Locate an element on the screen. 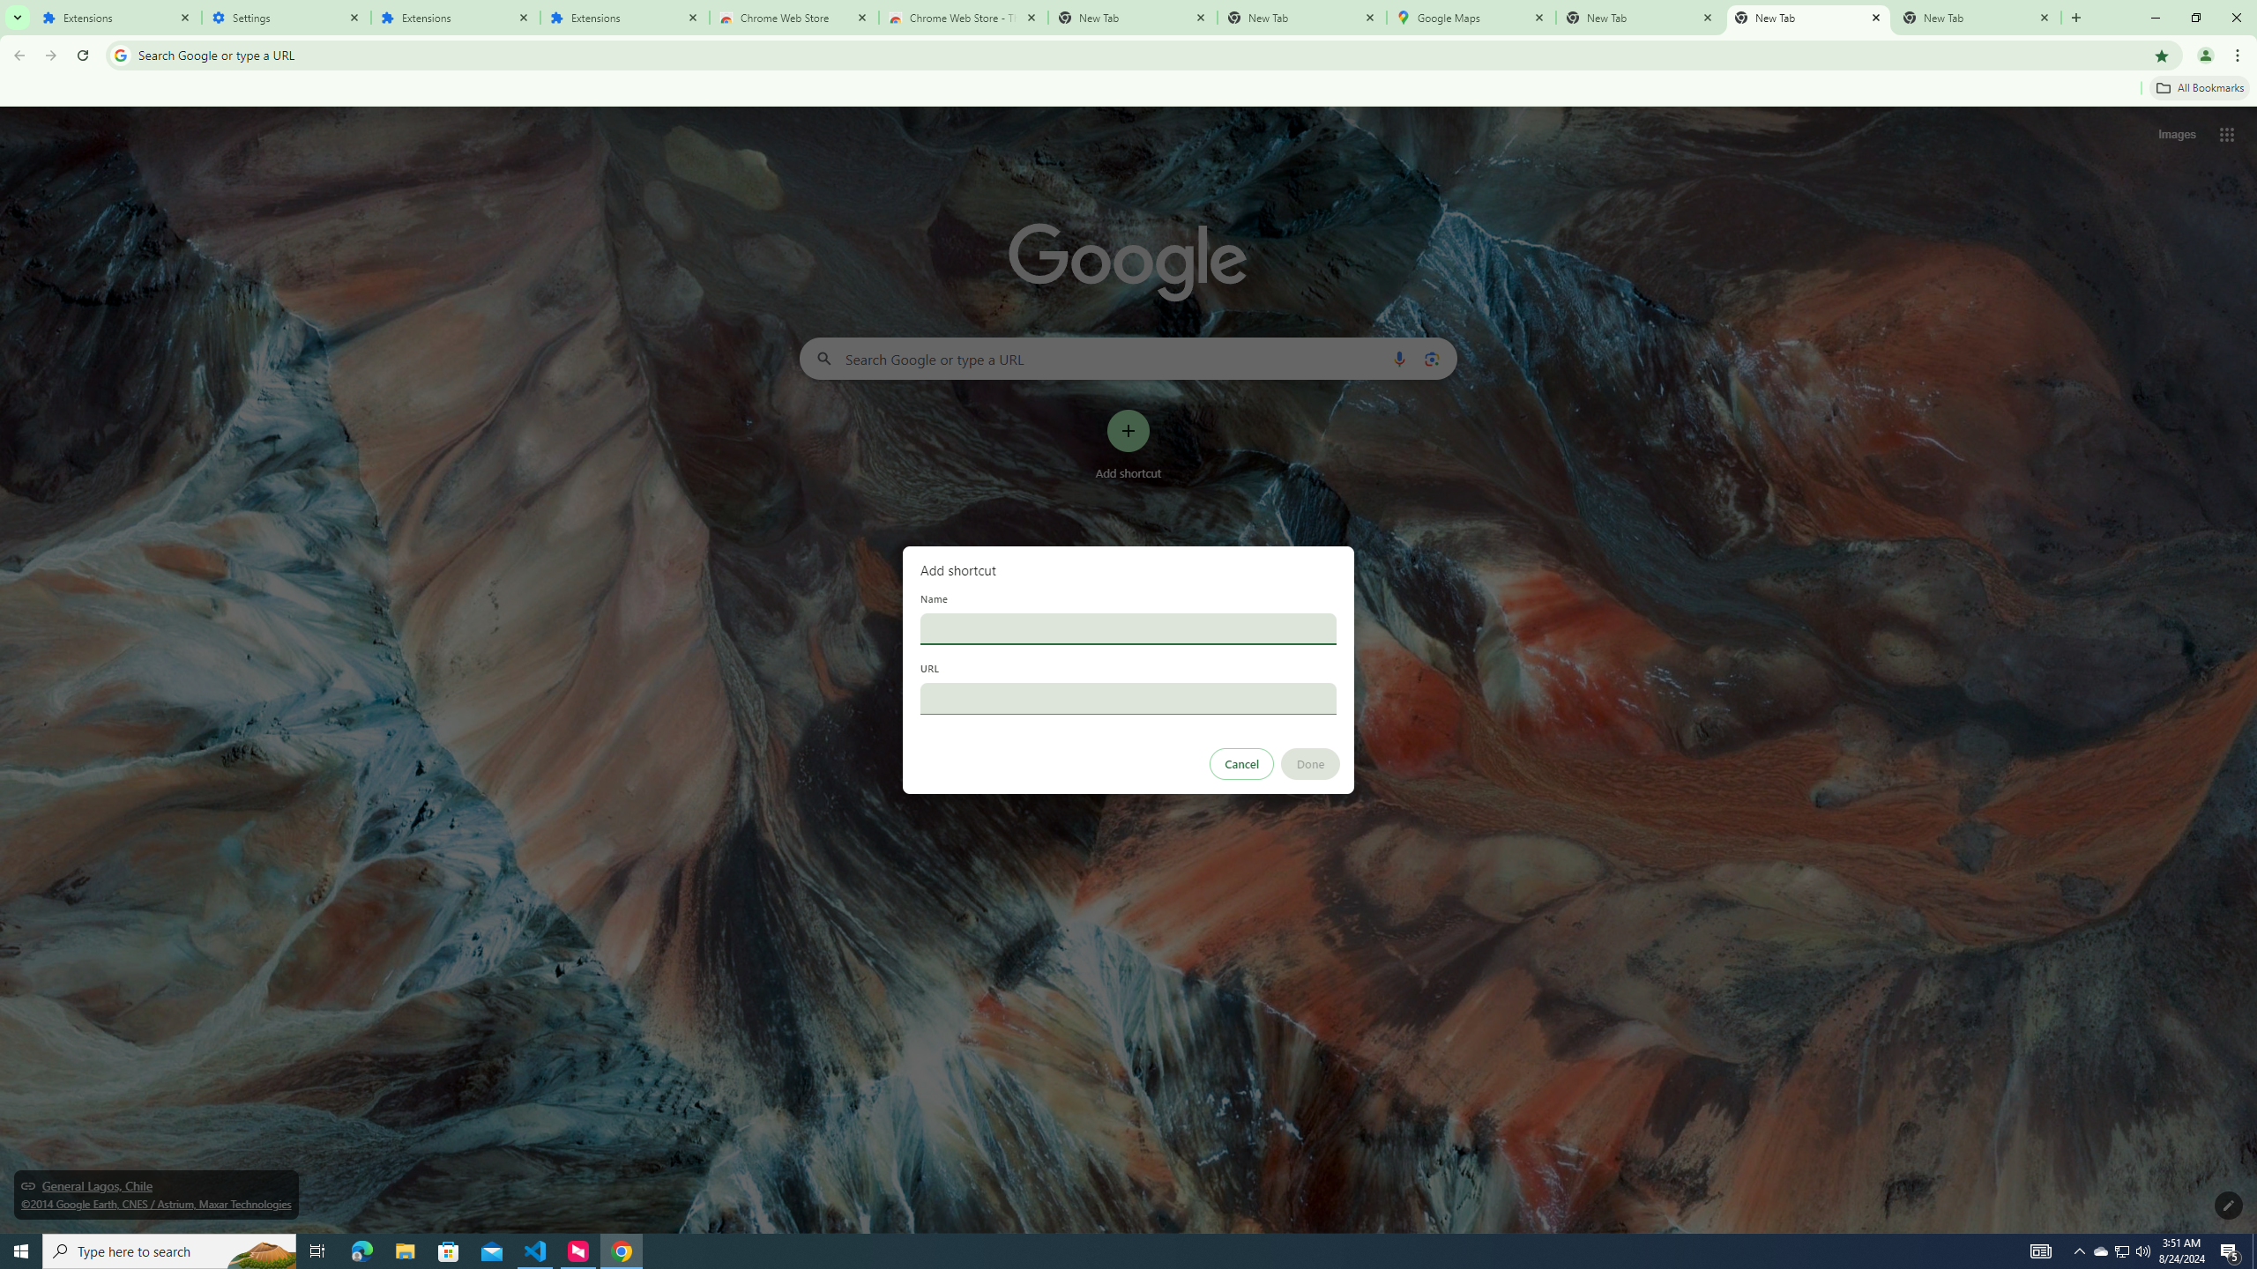 Image resolution: width=2257 pixels, height=1269 pixels. 'Name' is located at coordinates (1128, 627).